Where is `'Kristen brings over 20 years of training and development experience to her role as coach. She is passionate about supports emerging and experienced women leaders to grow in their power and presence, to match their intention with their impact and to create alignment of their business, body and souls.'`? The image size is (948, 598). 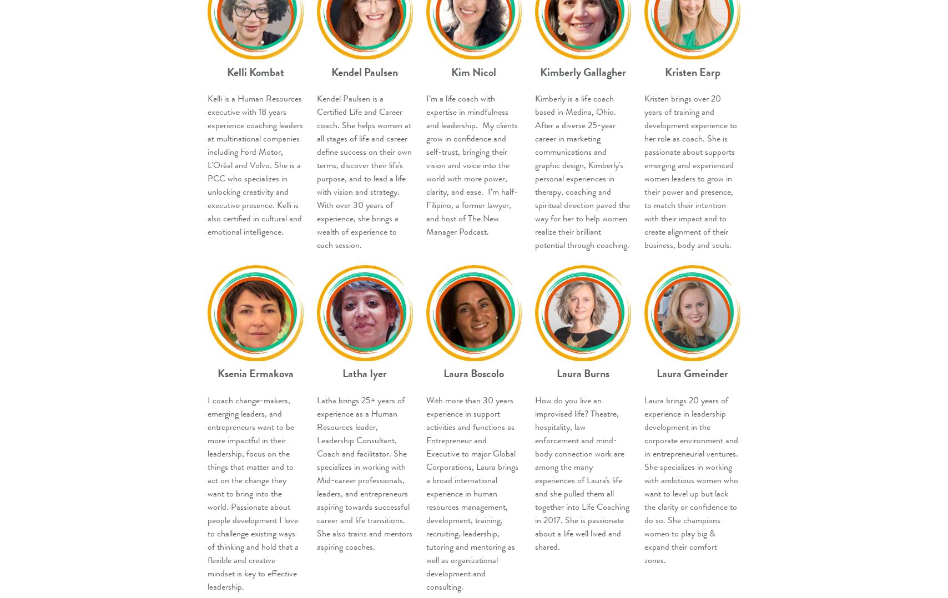 'Kristen brings over 20 years of training and development experience to her role as coach. She is passionate about supports emerging and experienced women leaders to grow in their power and presence, to match their intention with their impact and to create alignment of their business, body and souls.' is located at coordinates (690, 171).